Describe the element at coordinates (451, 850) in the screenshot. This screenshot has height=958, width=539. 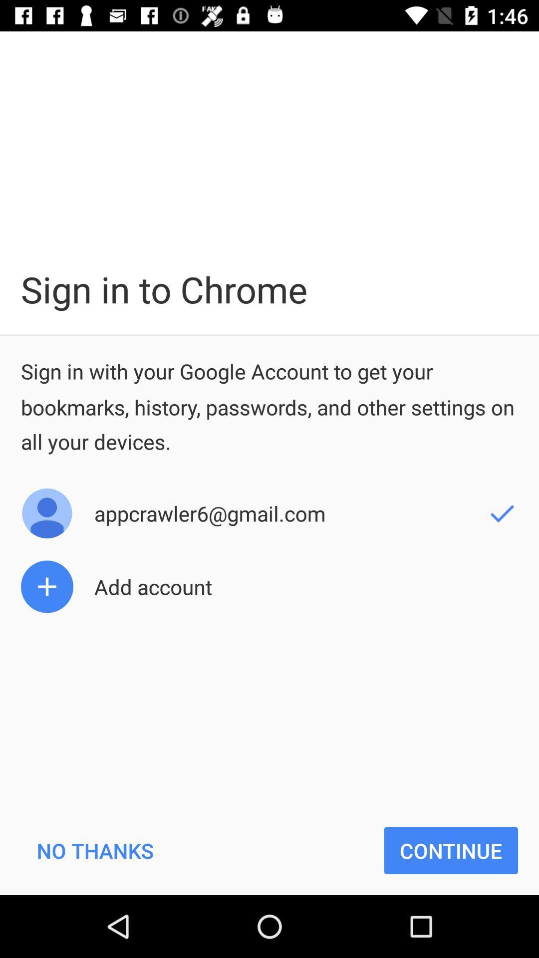
I see `the icon to the right of no thanks icon` at that location.